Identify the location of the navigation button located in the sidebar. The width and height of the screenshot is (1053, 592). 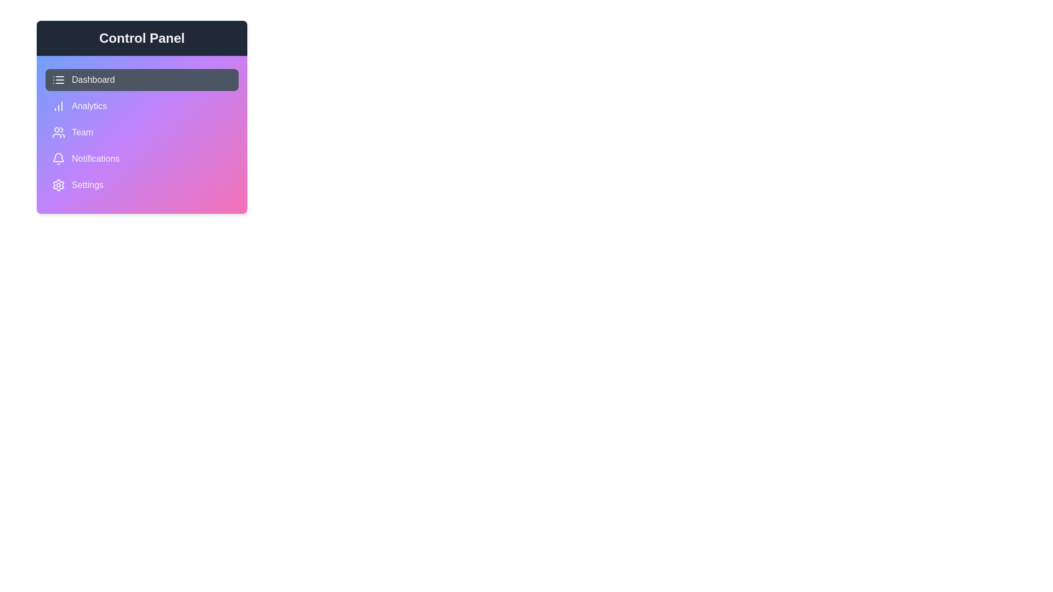
(141, 132).